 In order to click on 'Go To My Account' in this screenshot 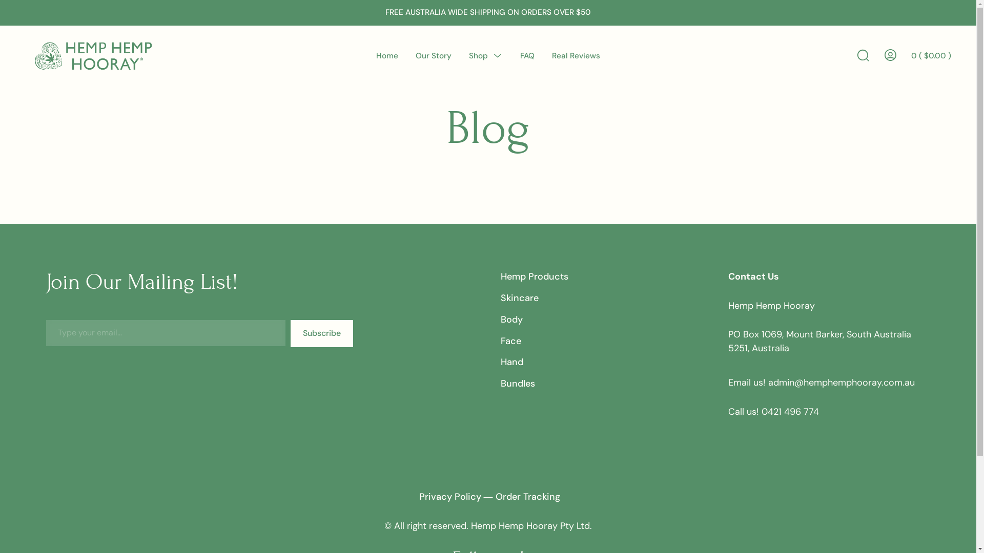, I will do `click(889, 55)`.